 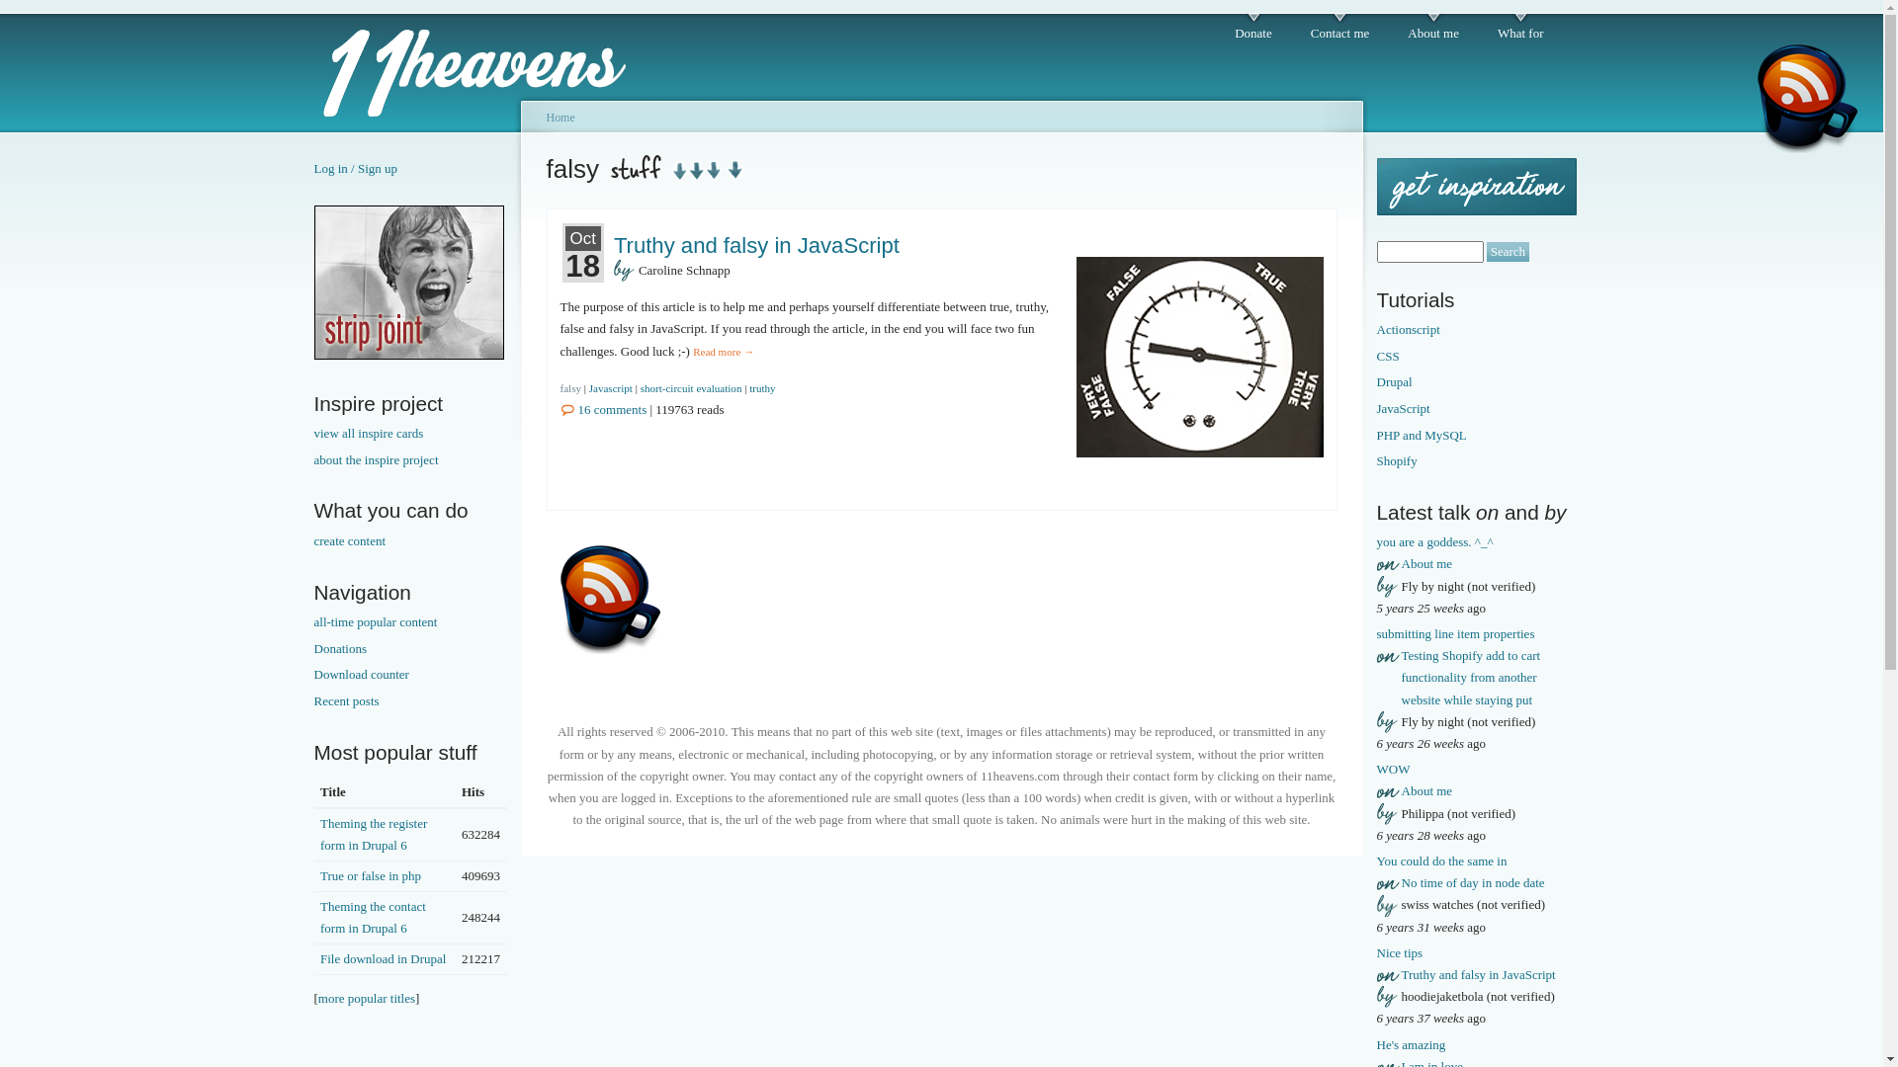 I want to click on 'You could do the same in', so click(x=1441, y=860).